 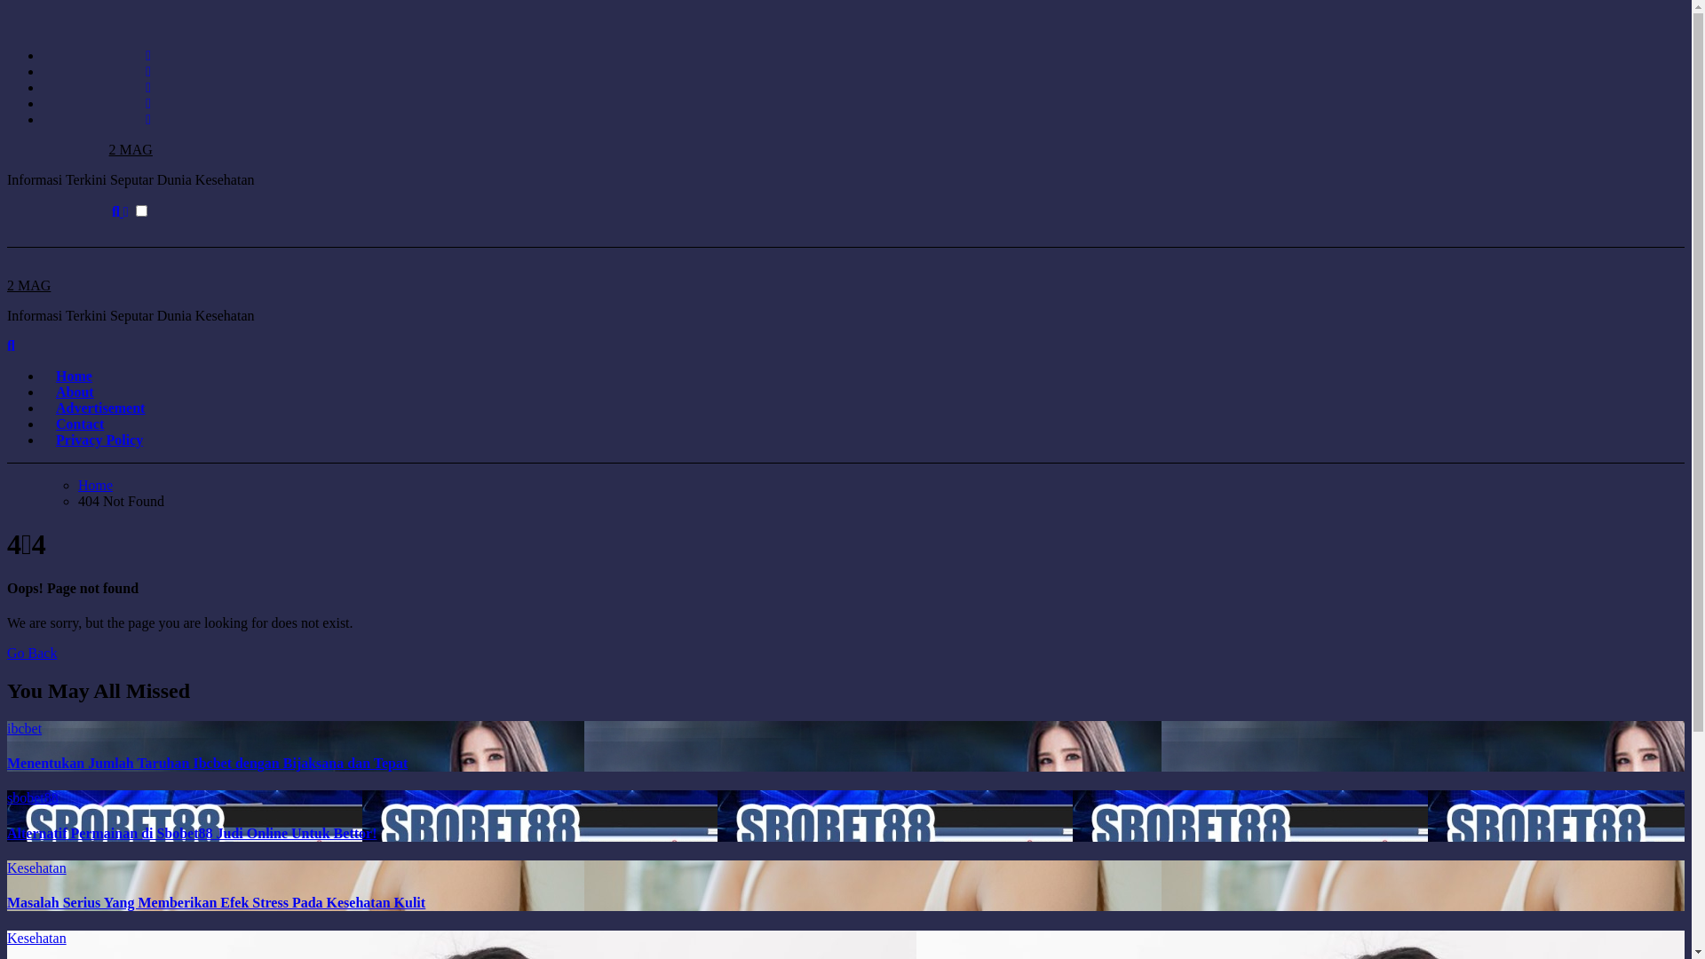 What do you see at coordinates (98, 440) in the screenshot?
I see `'Privacy Policy'` at bounding box center [98, 440].